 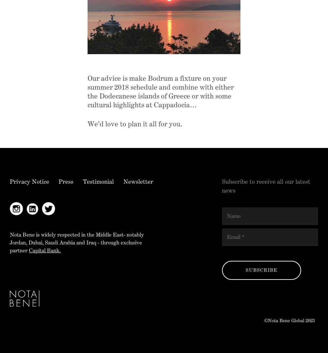 What do you see at coordinates (266, 185) in the screenshot?
I see `'Subscribe to receive all our latest news'` at bounding box center [266, 185].